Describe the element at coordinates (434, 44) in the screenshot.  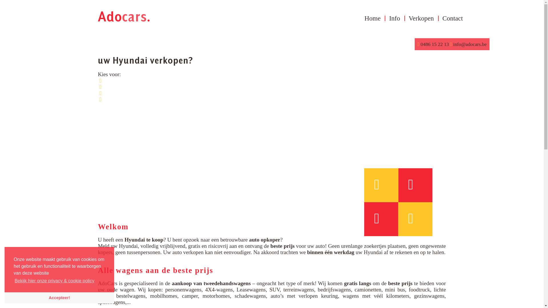
I see `'0486 15 22 13'` at that location.